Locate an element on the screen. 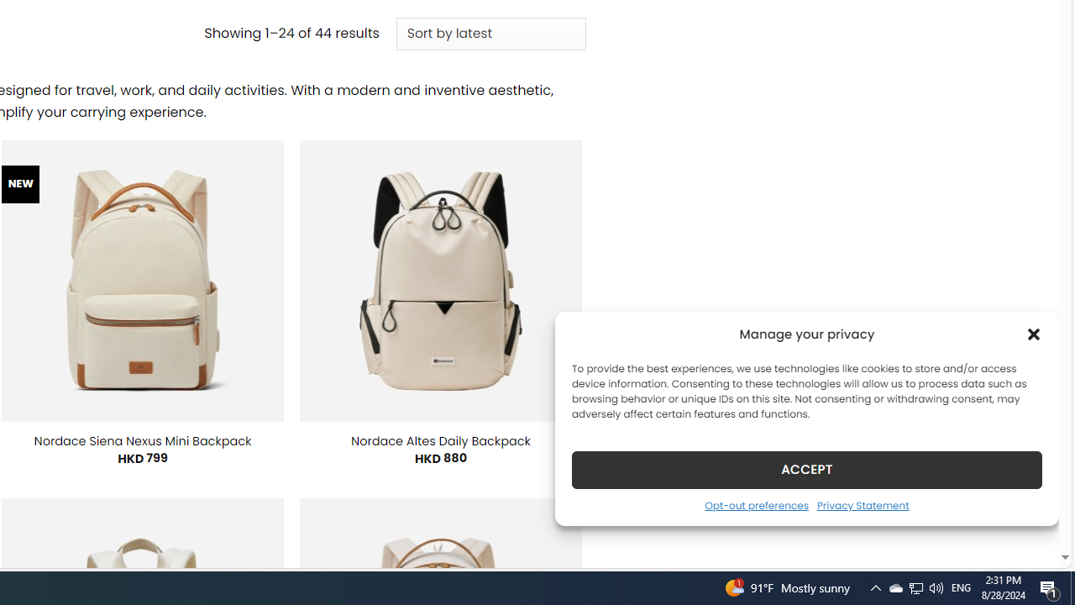 The width and height of the screenshot is (1075, 605). 'Nordace Siena Nexus Mini Backpack' is located at coordinates (142, 439).